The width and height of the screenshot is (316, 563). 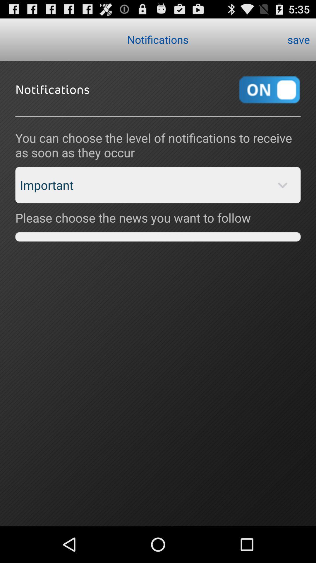 What do you see at coordinates (298, 39) in the screenshot?
I see `the button above notifications icon` at bounding box center [298, 39].